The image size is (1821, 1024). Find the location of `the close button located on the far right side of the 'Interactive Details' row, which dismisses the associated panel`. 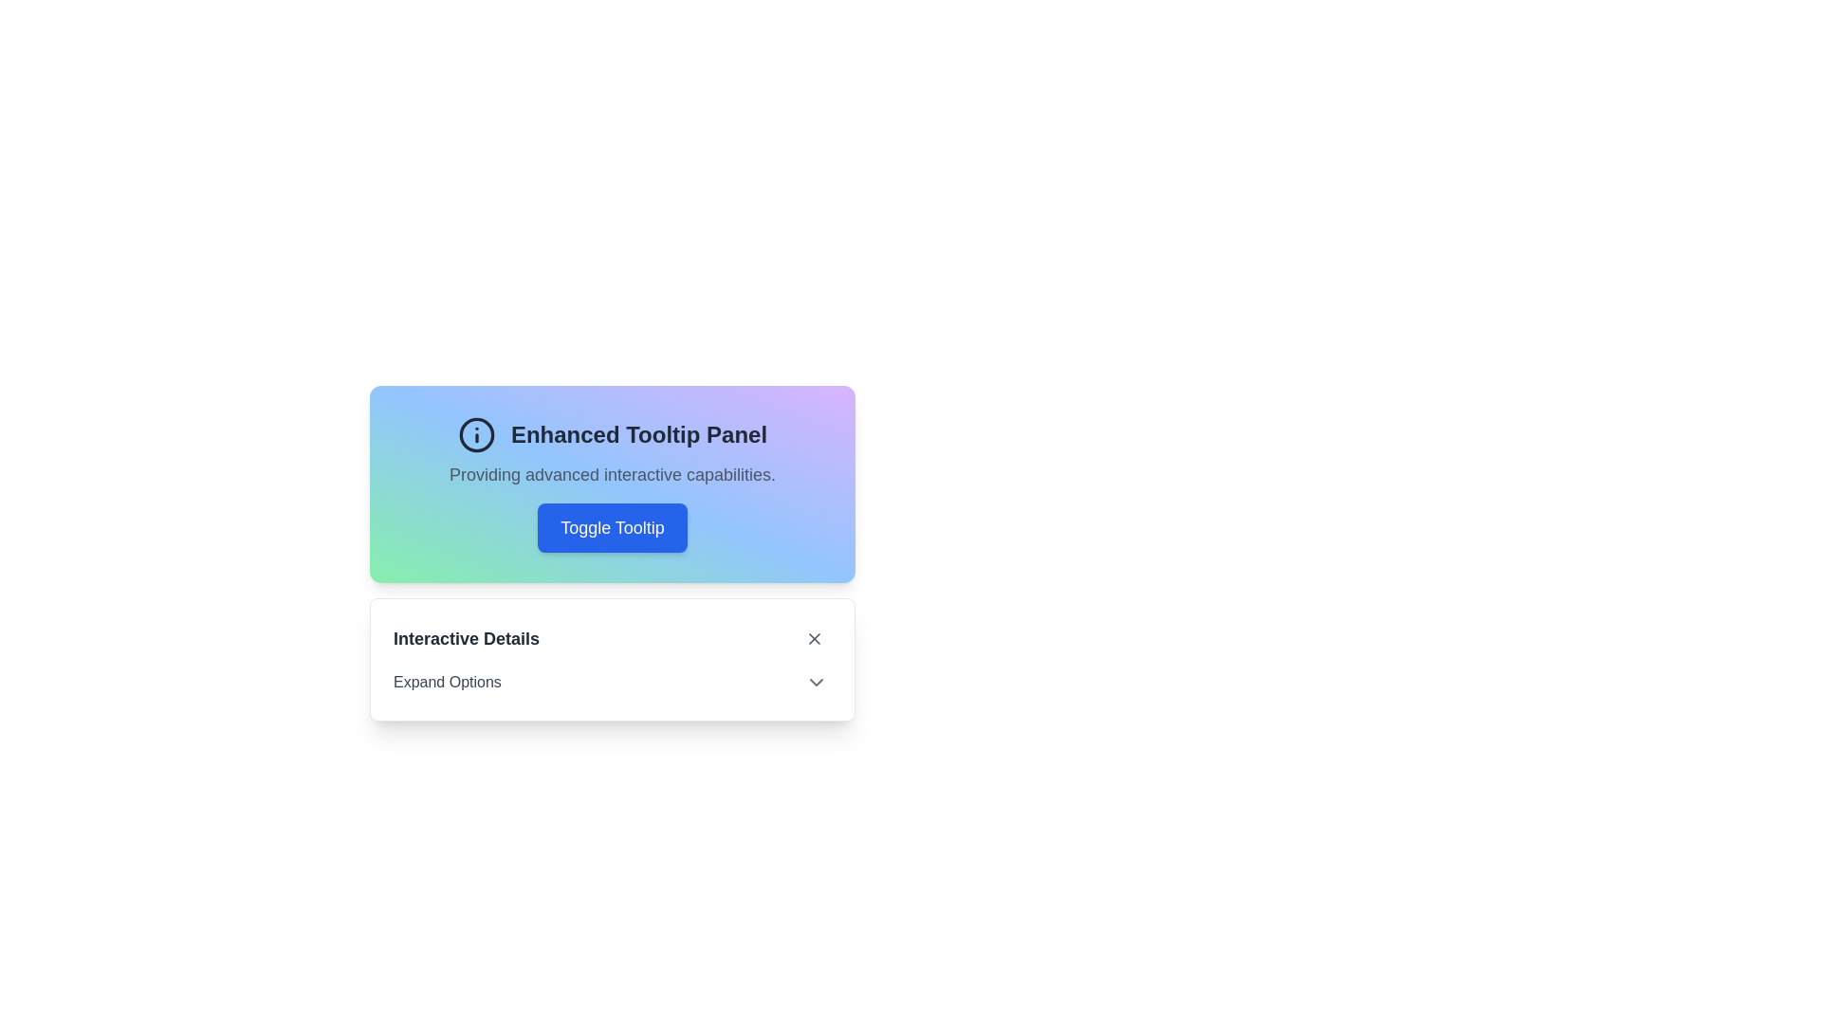

the close button located on the far right side of the 'Interactive Details' row, which dismisses the associated panel is located at coordinates (815, 639).